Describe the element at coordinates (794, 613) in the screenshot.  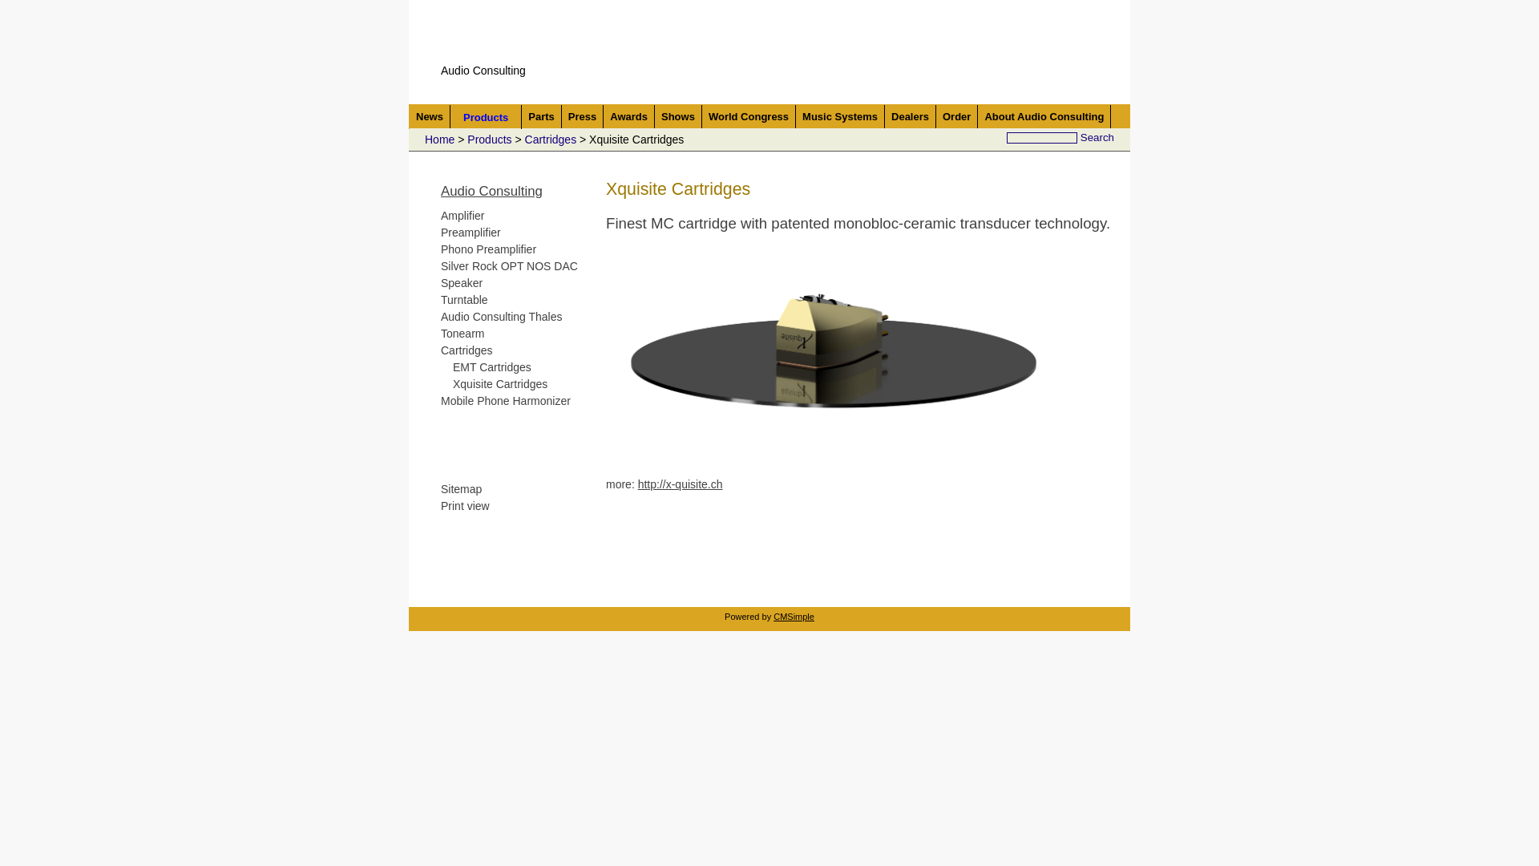
I see `'CMSimple'` at that location.